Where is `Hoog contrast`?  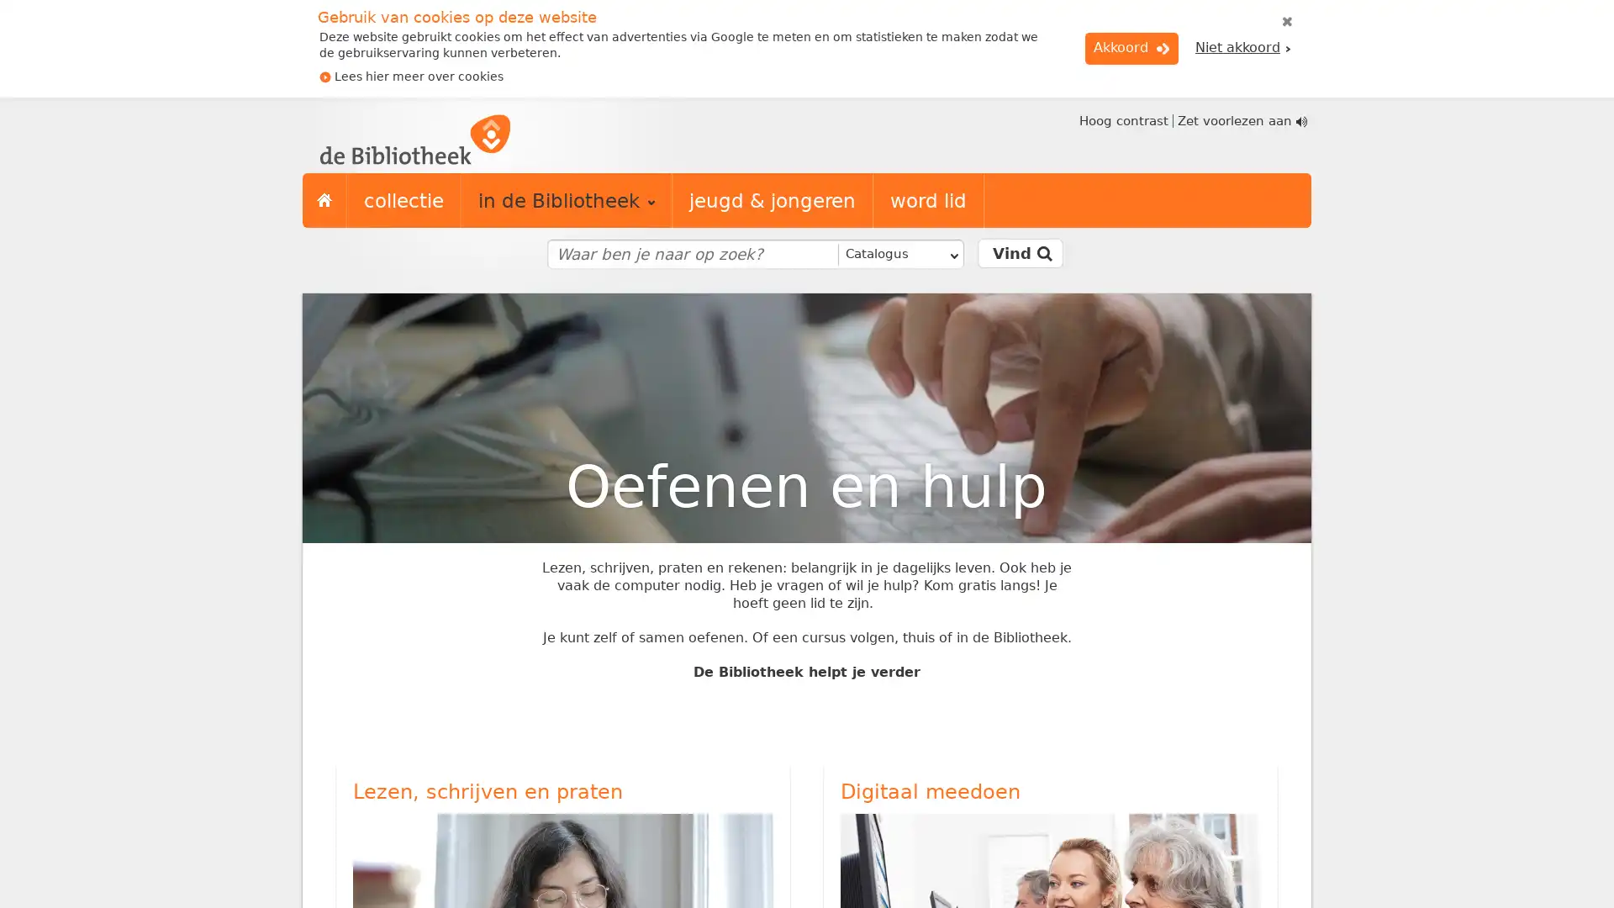 Hoog contrast is located at coordinates (1121, 119).